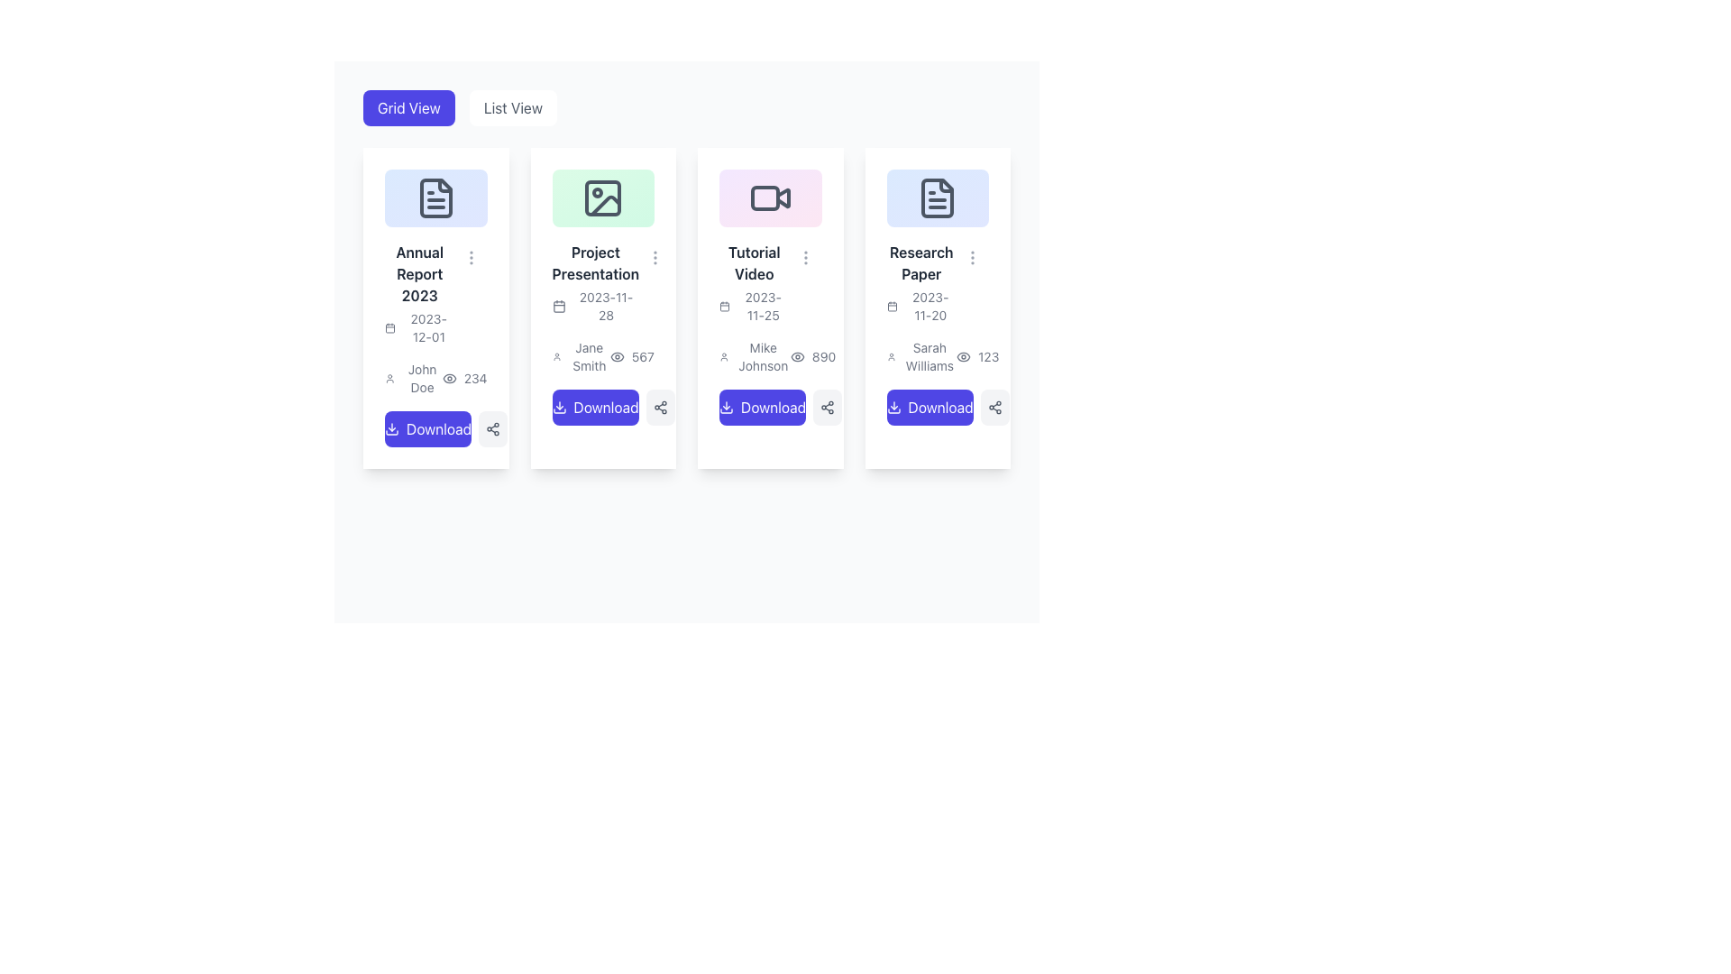 The height and width of the screenshot is (974, 1731). I want to click on the eye-shaped visibility indicator icon located within the fourth content card, to the right of 'Sarah Williams' and left of the numeric text '123', so click(963, 356).